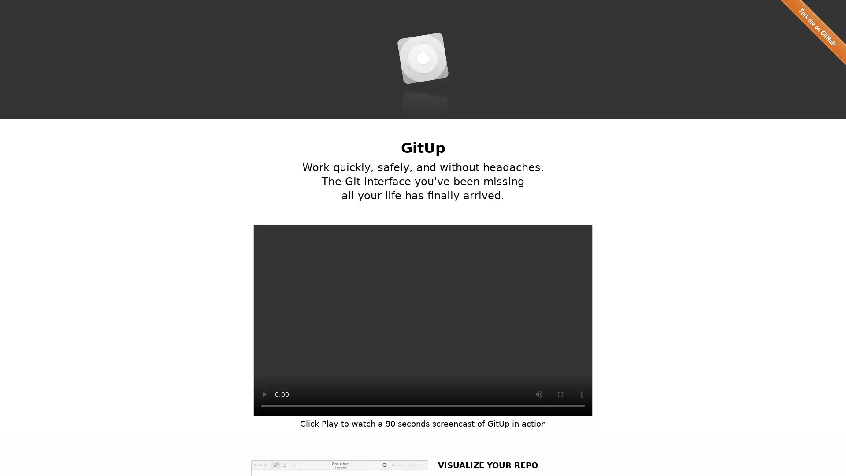 This screenshot has width=846, height=476. What do you see at coordinates (539, 394) in the screenshot?
I see `mute` at bounding box center [539, 394].